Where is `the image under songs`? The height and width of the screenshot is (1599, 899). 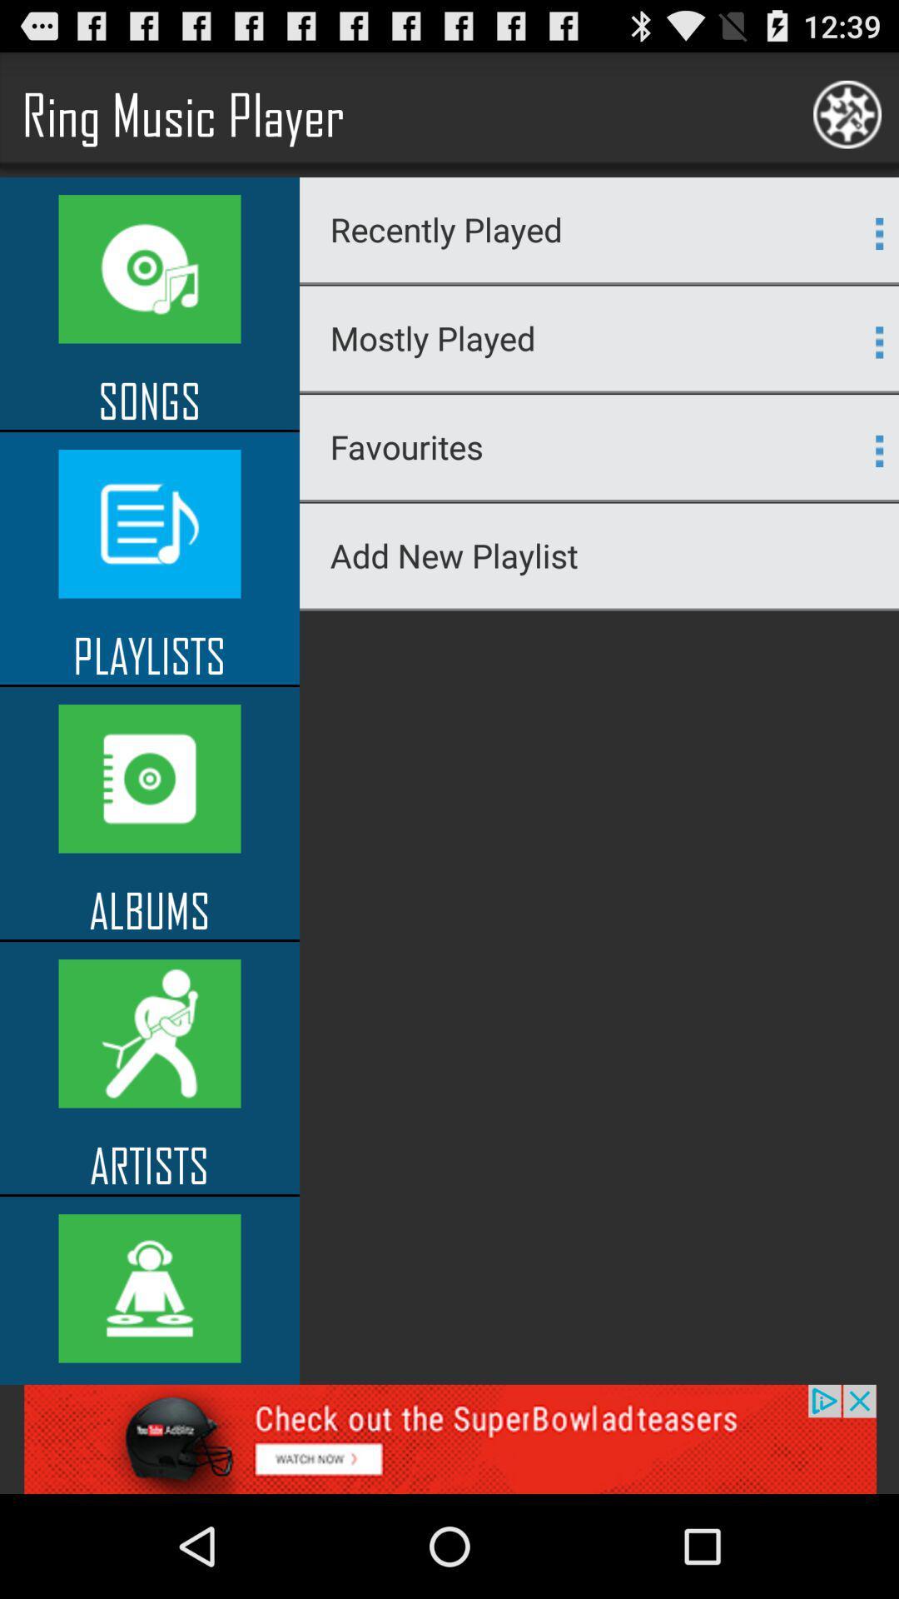 the image under songs is located at coordinates (150, 523).